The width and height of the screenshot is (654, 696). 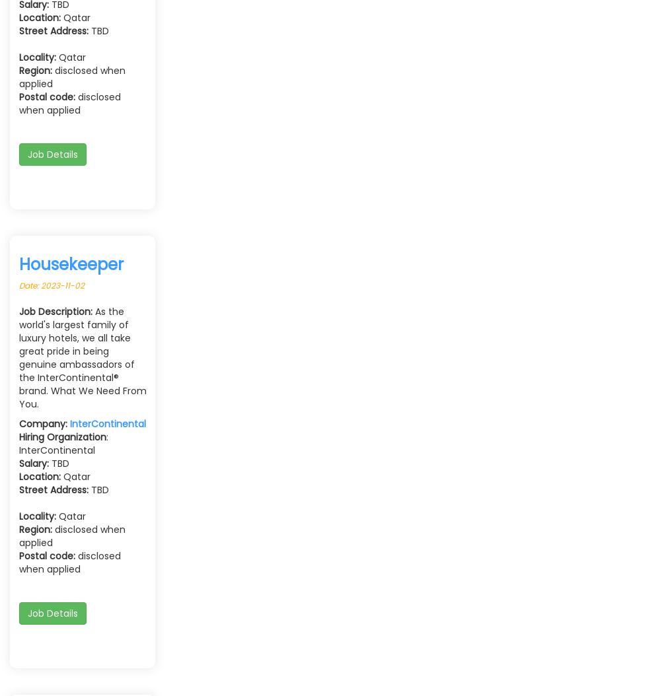 I want to click on 'Hiring Organization', so click(x=63, y=436).